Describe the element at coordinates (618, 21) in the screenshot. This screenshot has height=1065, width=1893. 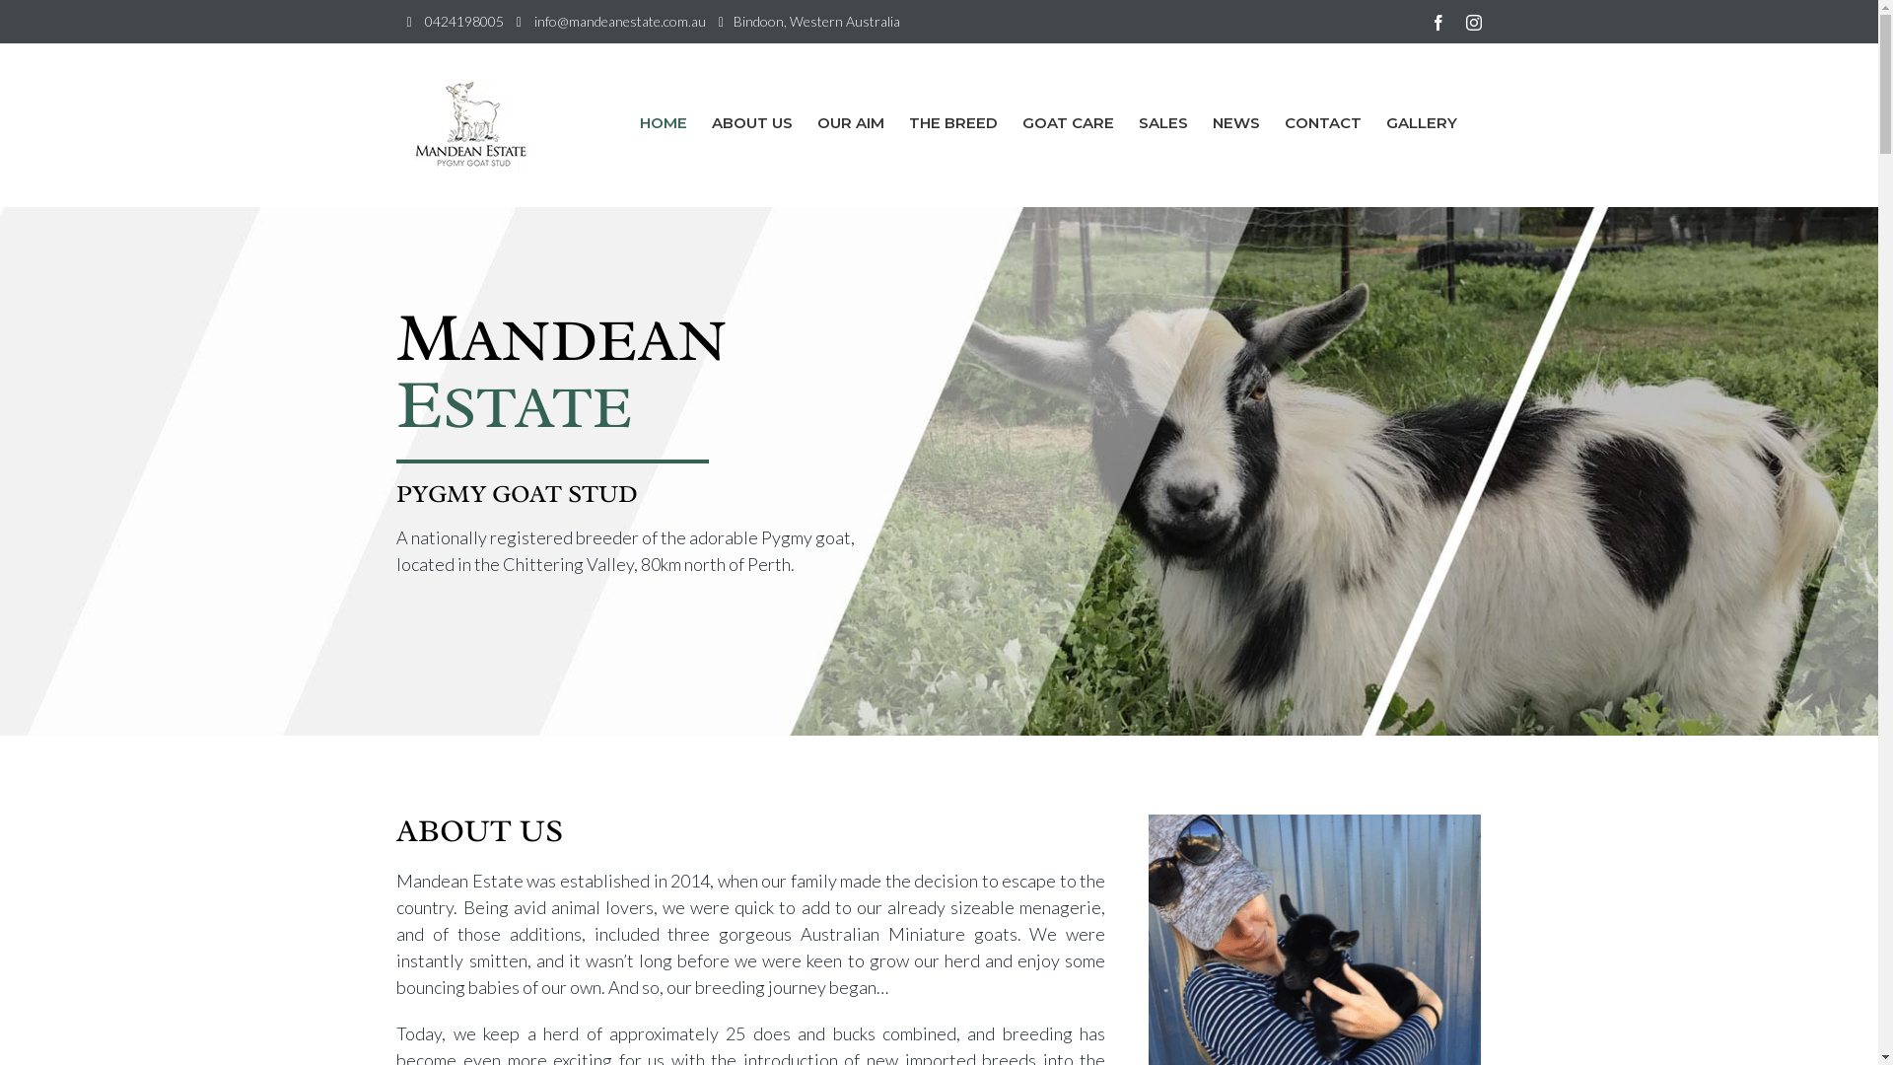
I see `'info@mandeanestate.com.au'` at that location.